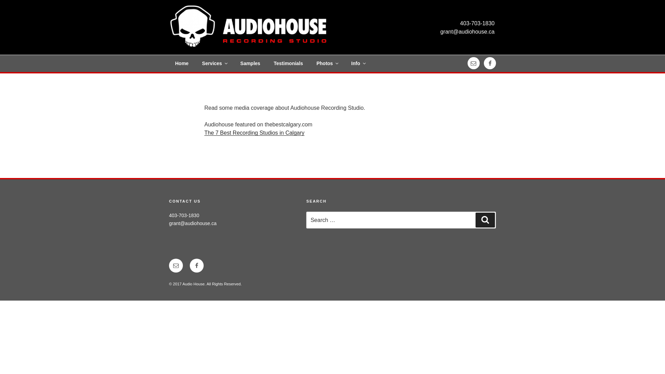 Image resolution: width=665 pixels, height=374 pixels. Describe the element at coordinates (169, 63) in the screenshot. I see `'Home'` at that location.